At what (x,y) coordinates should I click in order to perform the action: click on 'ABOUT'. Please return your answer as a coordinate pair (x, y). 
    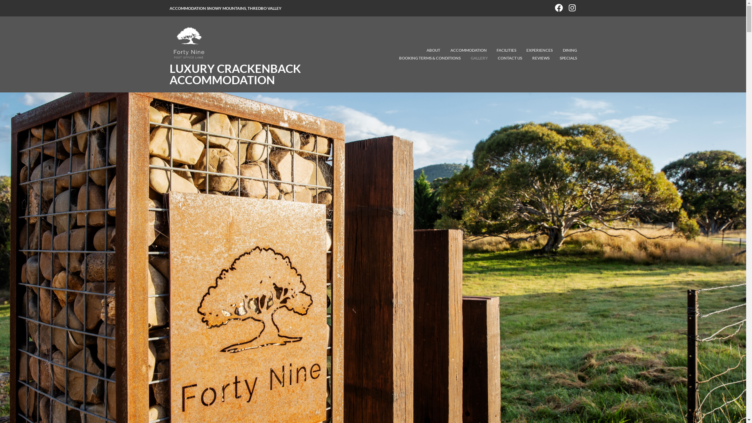
    Looking at the image, I should click on (428, 50).